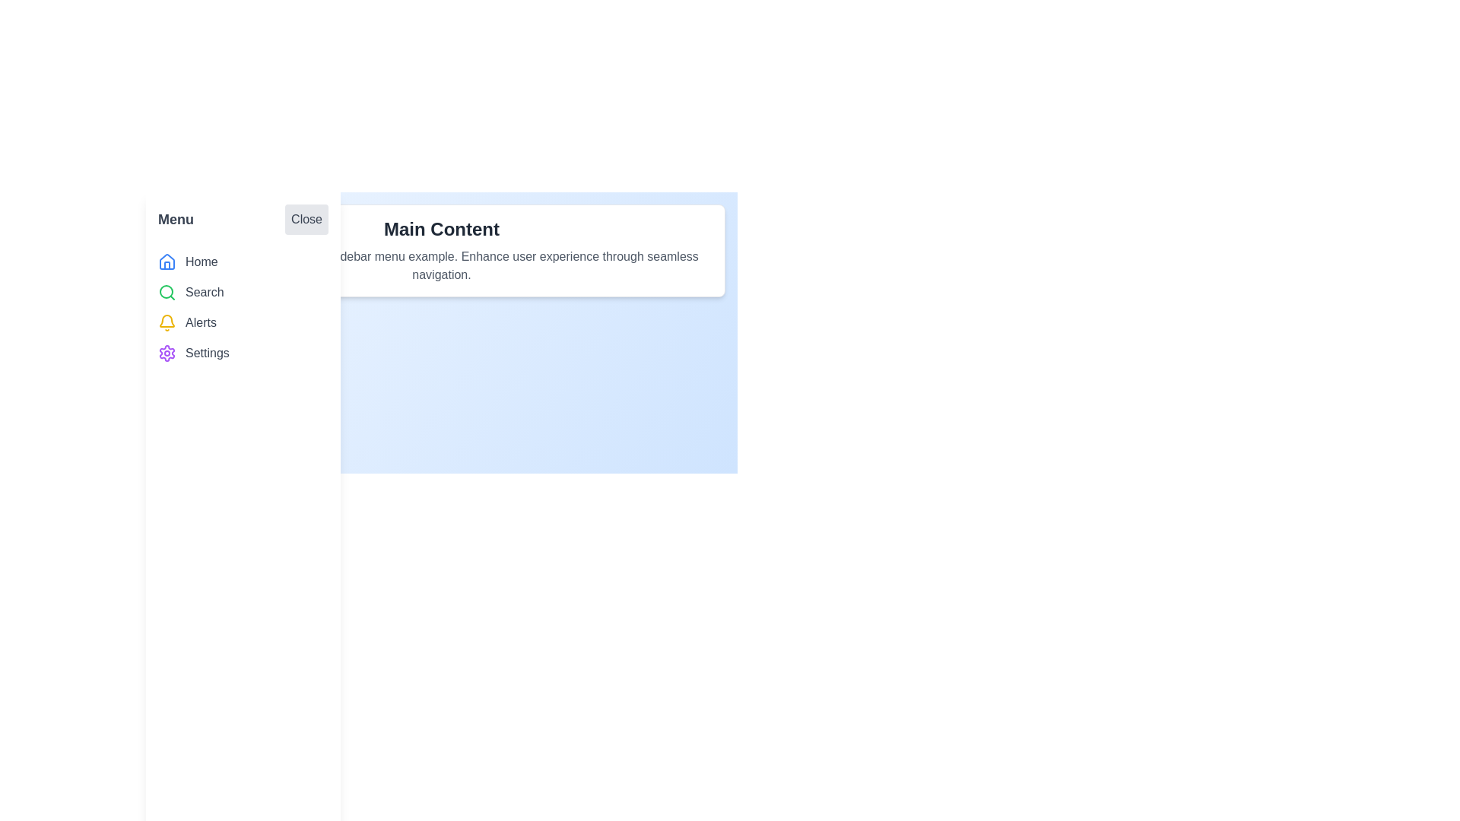 Image resolution: width=1460 pixels, height=821 pixels. Describe the element at coordinates (201, 261) in the screenshot. I see `the 'Home' text label, which is styled in gray and positioned next to a house icon` at that location.